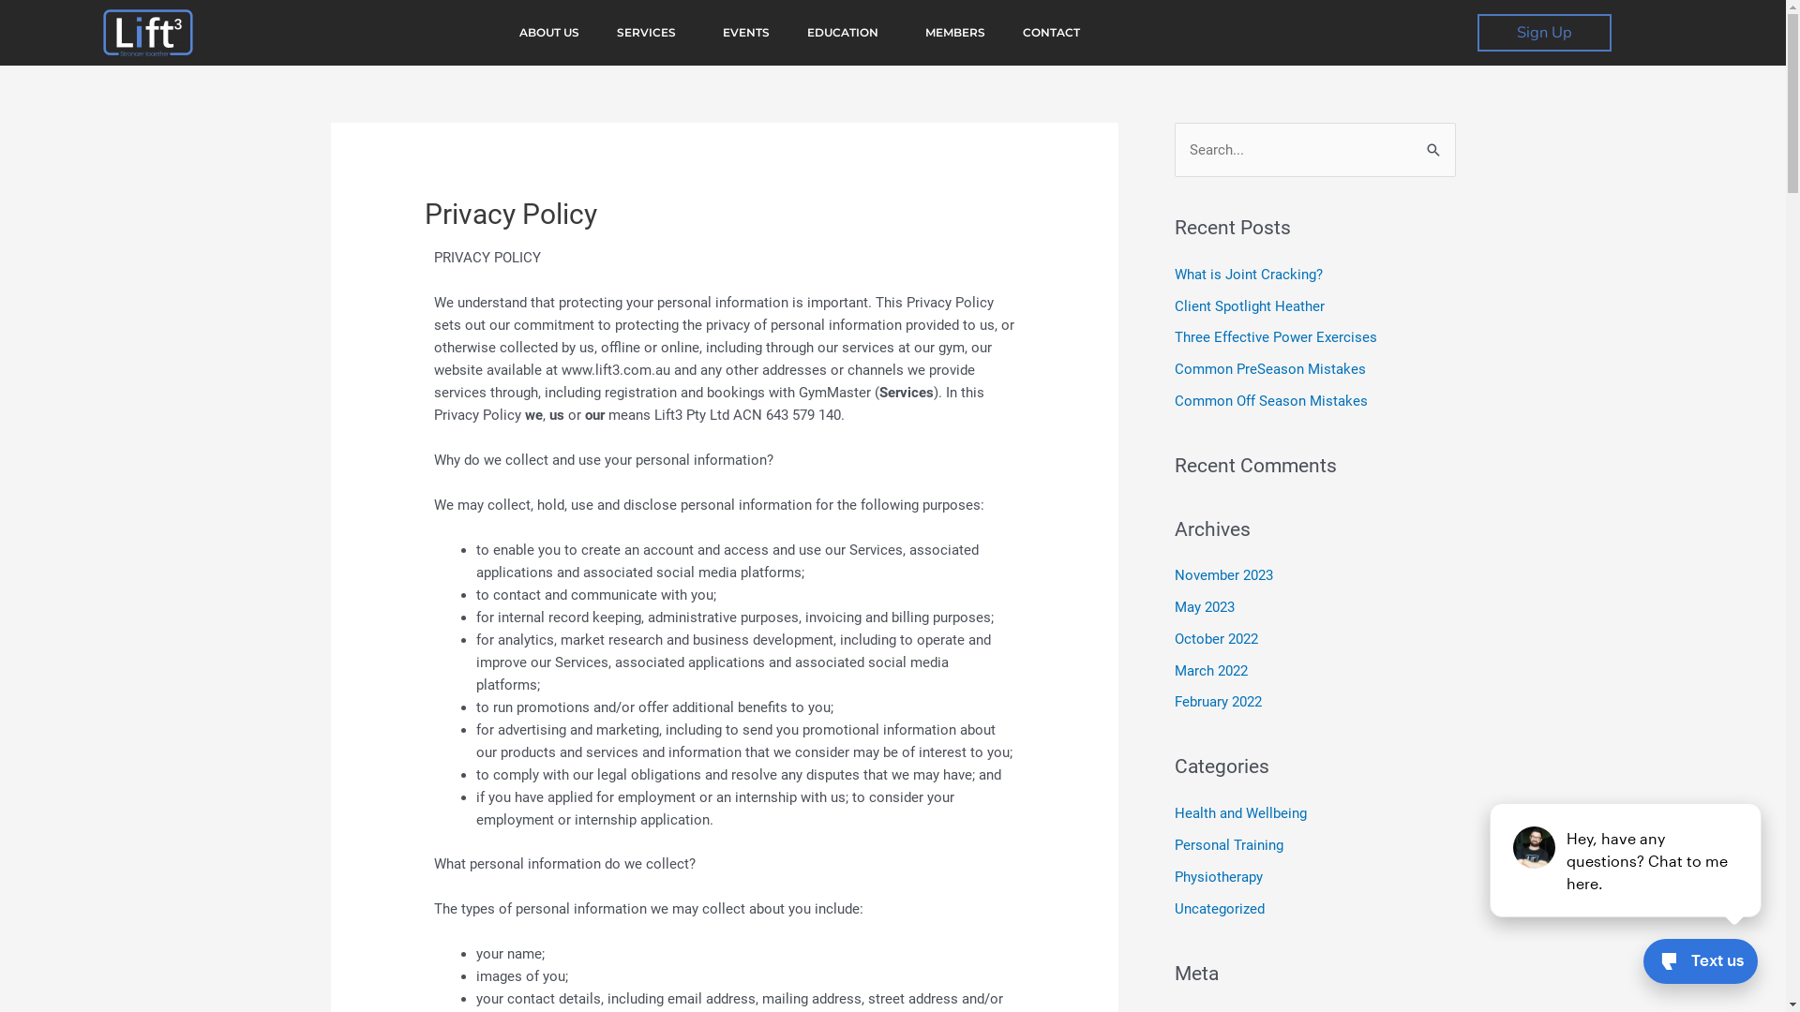 The width and height of the screenshot is (1800, 1012). What do you see at coordinates (1249, 305) in the screenshot?
I see `'Client Spotlight Heather'` at bounding box center [1249, 305].